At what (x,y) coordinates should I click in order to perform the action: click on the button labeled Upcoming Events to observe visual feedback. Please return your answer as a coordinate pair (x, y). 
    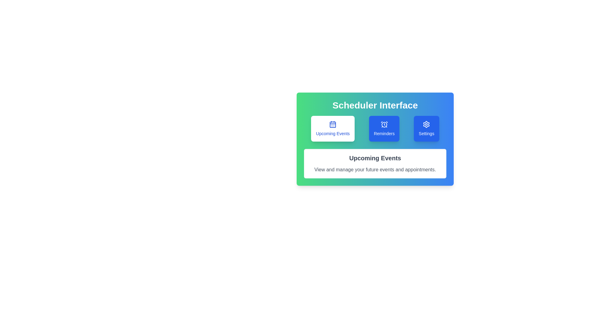
    Looking at the image, I should click on (333, 128).